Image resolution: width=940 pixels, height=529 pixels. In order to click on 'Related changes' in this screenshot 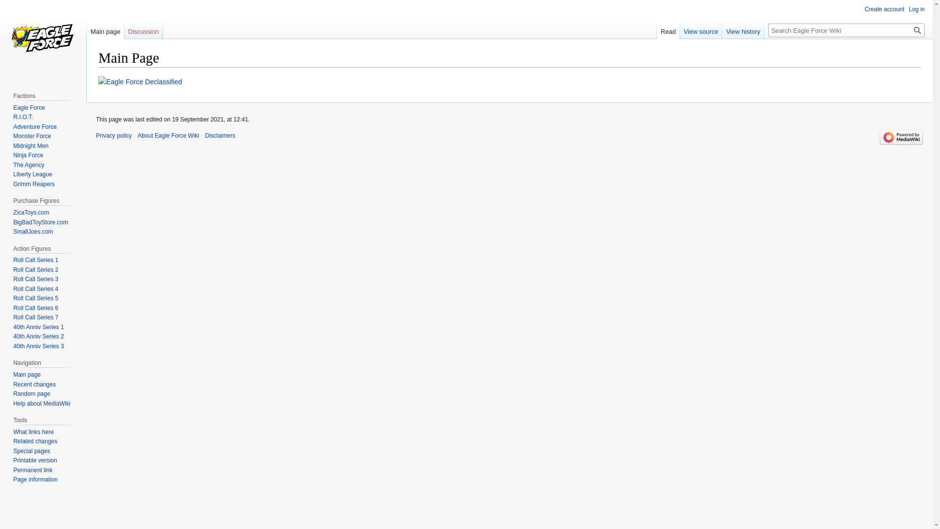, I will do `click(13, 441)`.